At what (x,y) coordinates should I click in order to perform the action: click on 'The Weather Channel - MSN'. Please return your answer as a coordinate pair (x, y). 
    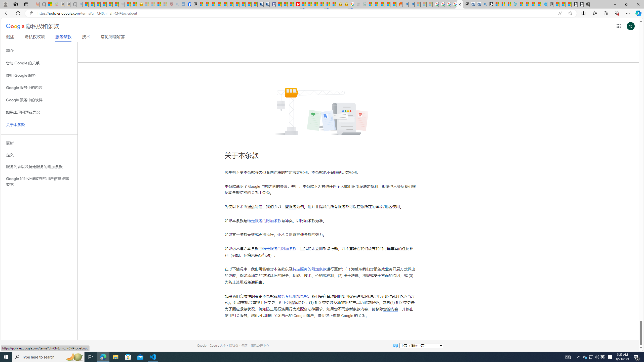
    Looking at the image, I should click on (97, 4).